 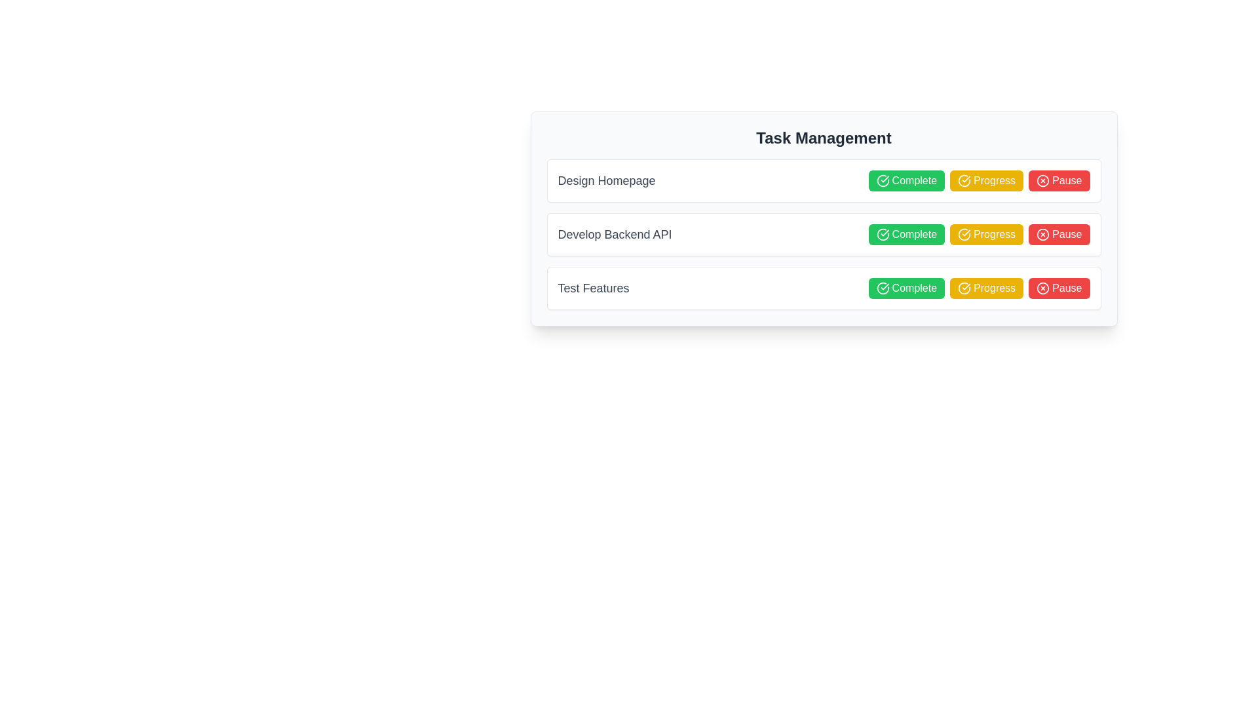 What do you see at coordinates (823, 138) in the screenshot?
I see `the 'Task Management' text label, which is a bold, extra-large dark gray header centered at the top of the task options panel` at bounding box center [823, 138].